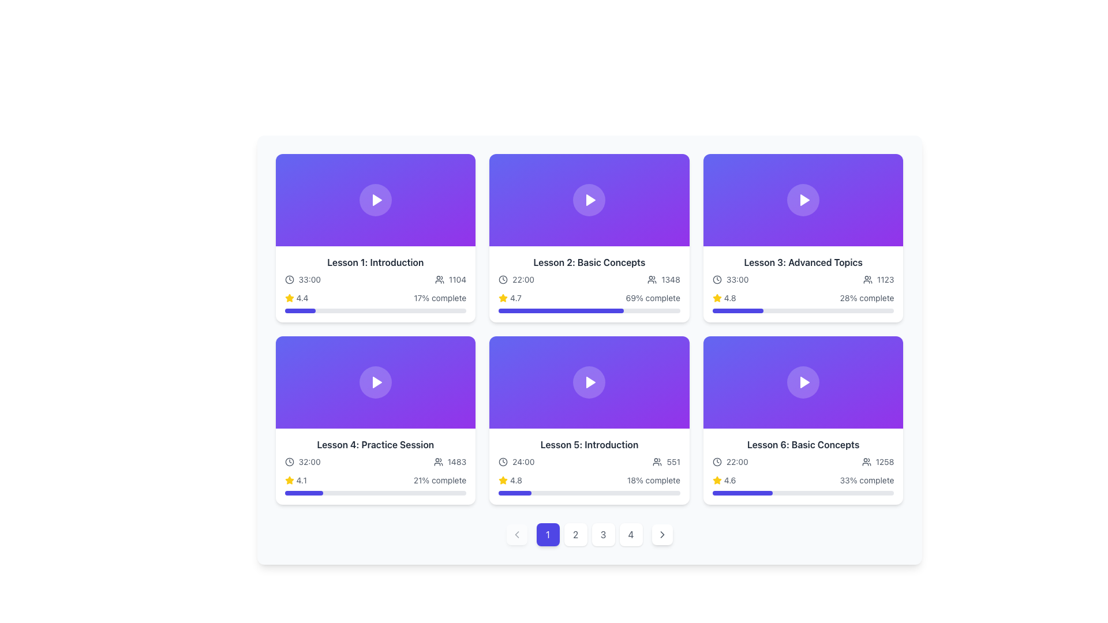  Describe the element at coordinates (503, 280) in the screenshot. I see `the primary circular border of the clock icon located near the text '22:00' in the second card of the grid` at that location.